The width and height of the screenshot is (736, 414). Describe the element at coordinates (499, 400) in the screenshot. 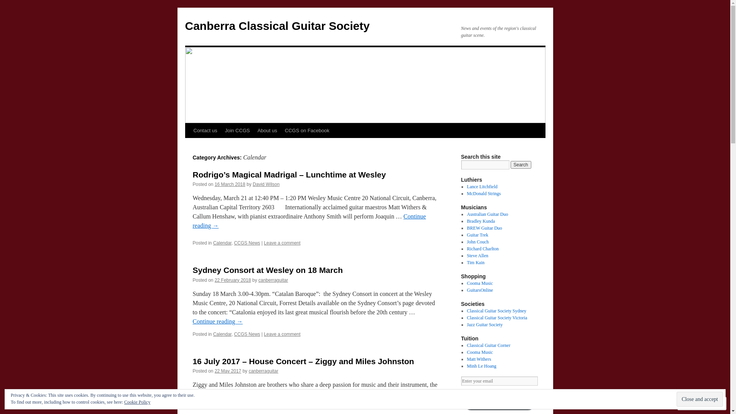

I see `'Guitar Society Newsletter Signup'` at that location.